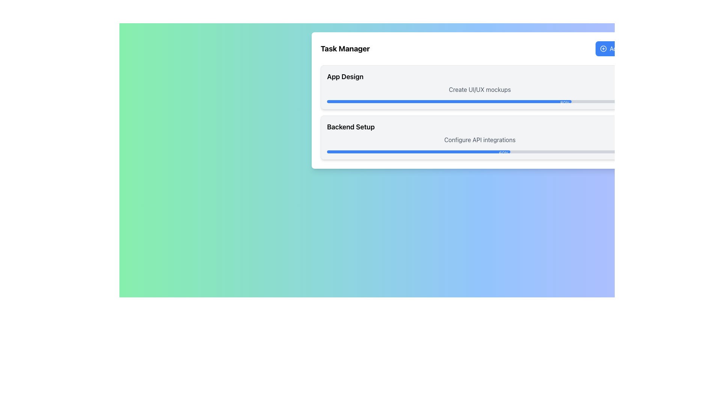 This screenshot has width=721, height=405. I want to click on the percentage value displayed in the Text Label showing '80%' located at the rightmost end of the progress bar under the header 'Create UI/UX mockups', so click(565, 101).